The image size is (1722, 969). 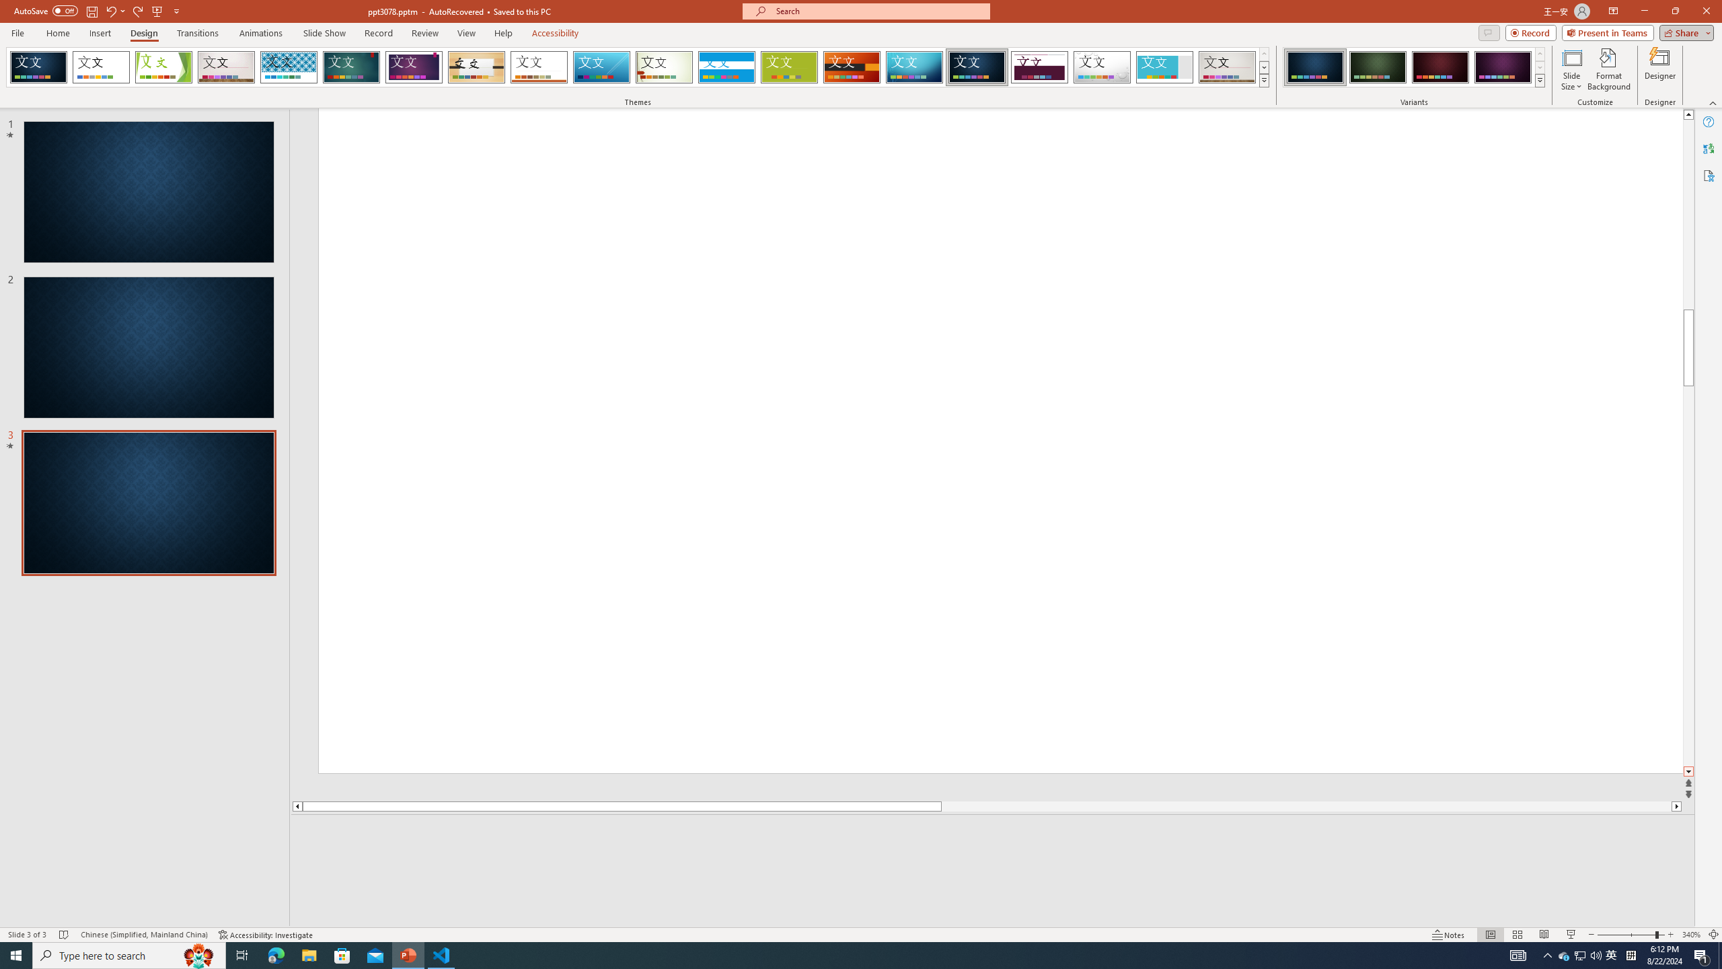 I want to click on 'Damask Variant 3', so click(x=1439, y=67).